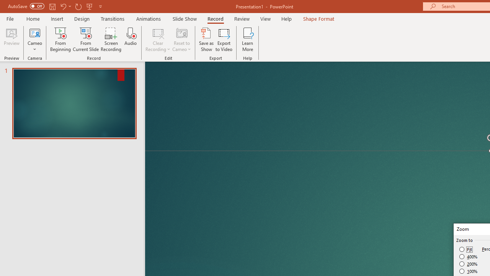  Describe the element at coordinates (111, 39) in the screenshot. I see `'Screen Recording'` at that location.